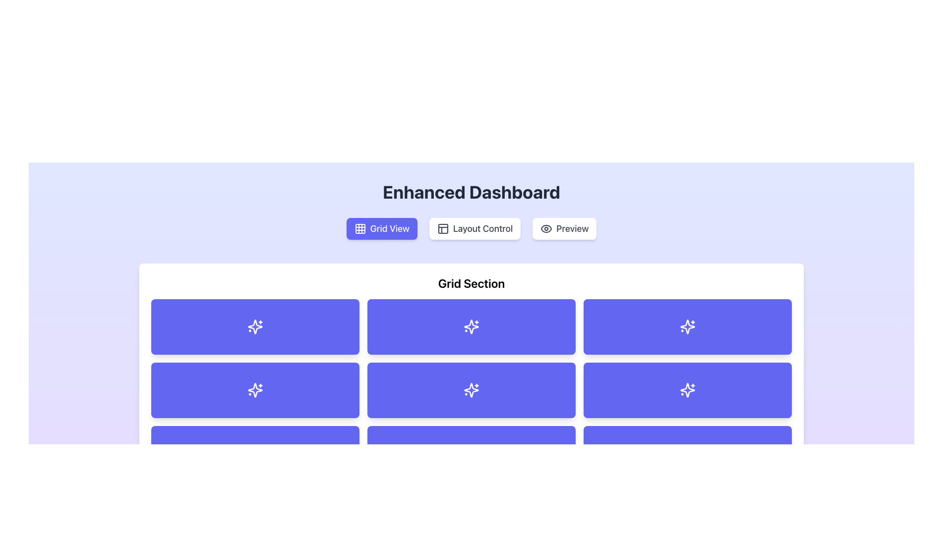  Describe the element at coordinates (471, 389) in the screenshot. I see `the indigo rectangular card with rounded corners and a centered white sparkle icon located in the second row and middle column of the grid layout` at that location.